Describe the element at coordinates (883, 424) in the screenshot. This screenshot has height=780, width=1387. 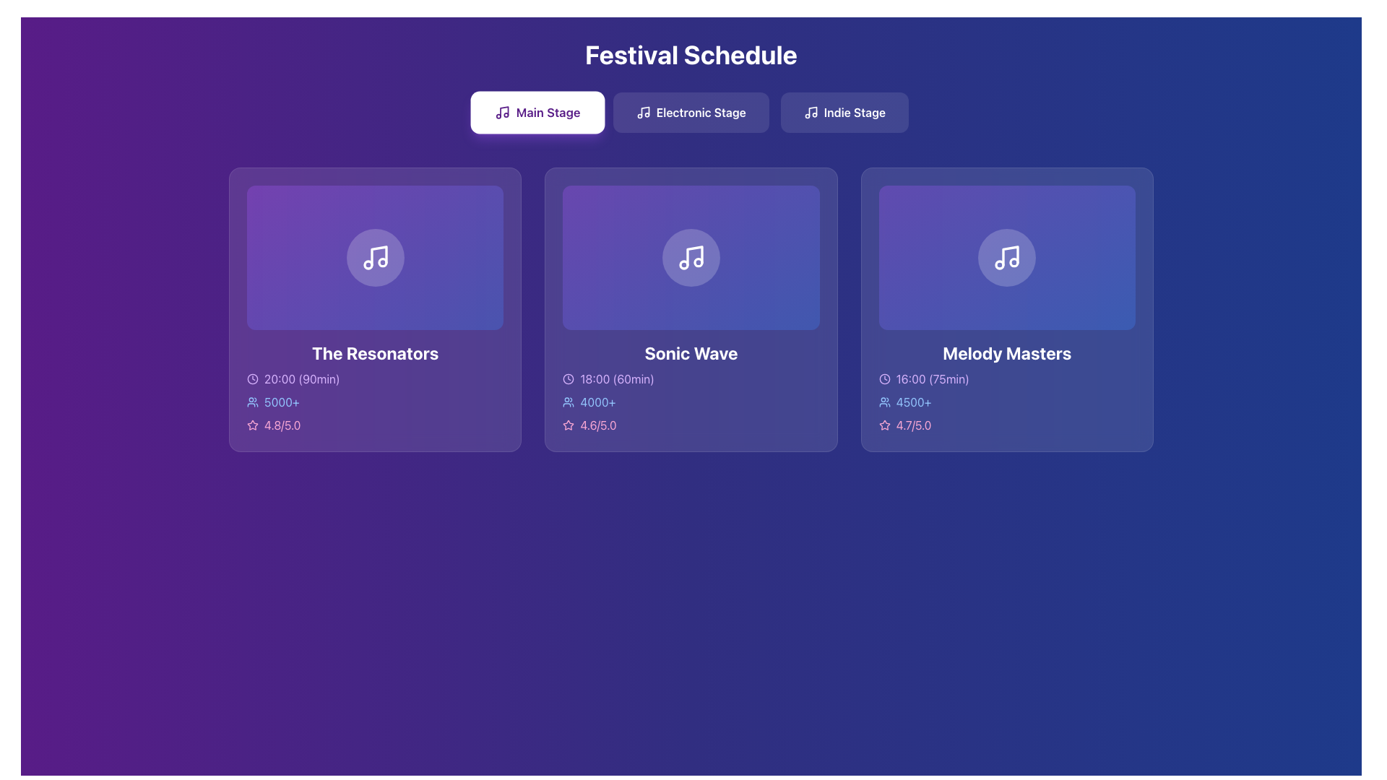
I see `the star-shaped rating icon for the 'Melody Masters' event listing in the rightmost column of the grid` at that location.